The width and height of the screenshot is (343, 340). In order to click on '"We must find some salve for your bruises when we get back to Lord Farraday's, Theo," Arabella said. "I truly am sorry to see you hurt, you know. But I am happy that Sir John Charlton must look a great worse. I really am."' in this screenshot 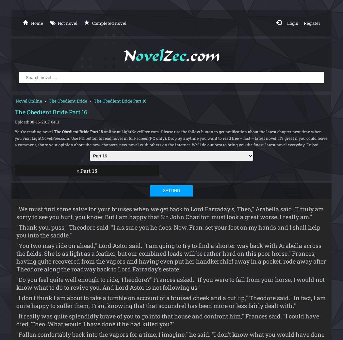, I will do `click(16, 212)`.